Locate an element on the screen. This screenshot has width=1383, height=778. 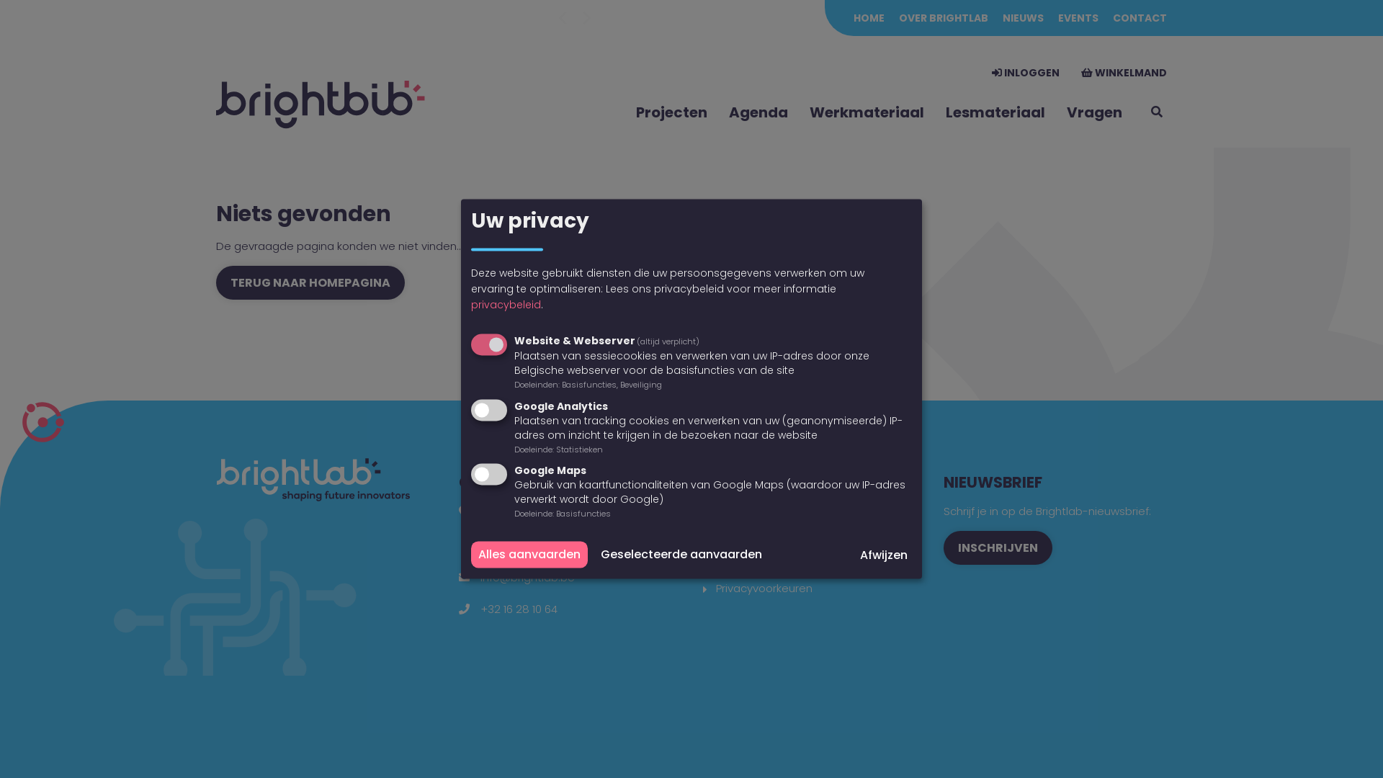
'Privacyvoorkeuren' is located at coordinates (763, 588).